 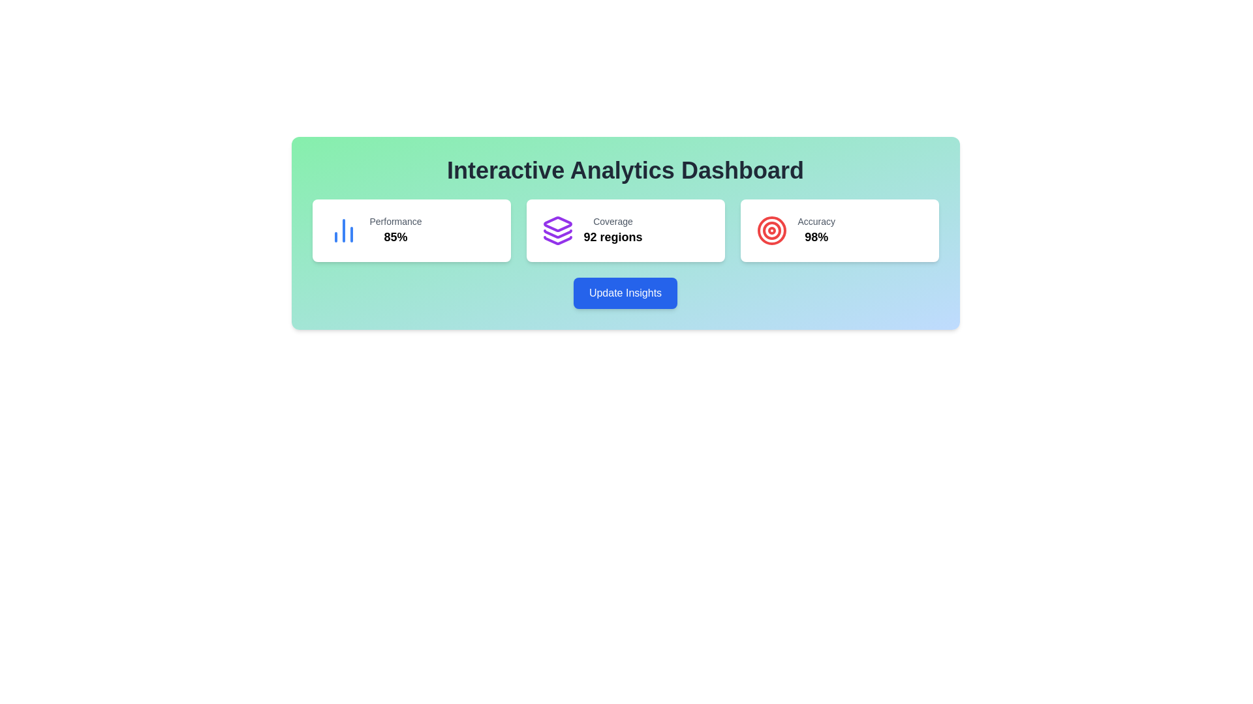 What do you see at coordinates (612, 230) in the screenshot?
I see `informational text component that displays 'Coverage' in gray and '92 regions' in bold black, located in the middle section of the interface under an icon with stacked boxes` at bounding box center [612, 230].